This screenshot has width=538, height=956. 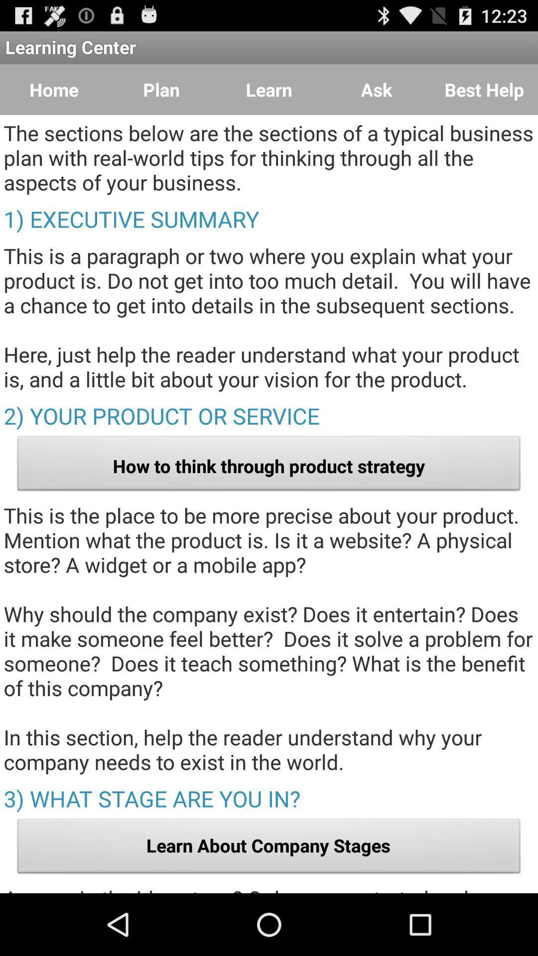 I want to click on the item below 2 your product app, so click(x=269, y=466).